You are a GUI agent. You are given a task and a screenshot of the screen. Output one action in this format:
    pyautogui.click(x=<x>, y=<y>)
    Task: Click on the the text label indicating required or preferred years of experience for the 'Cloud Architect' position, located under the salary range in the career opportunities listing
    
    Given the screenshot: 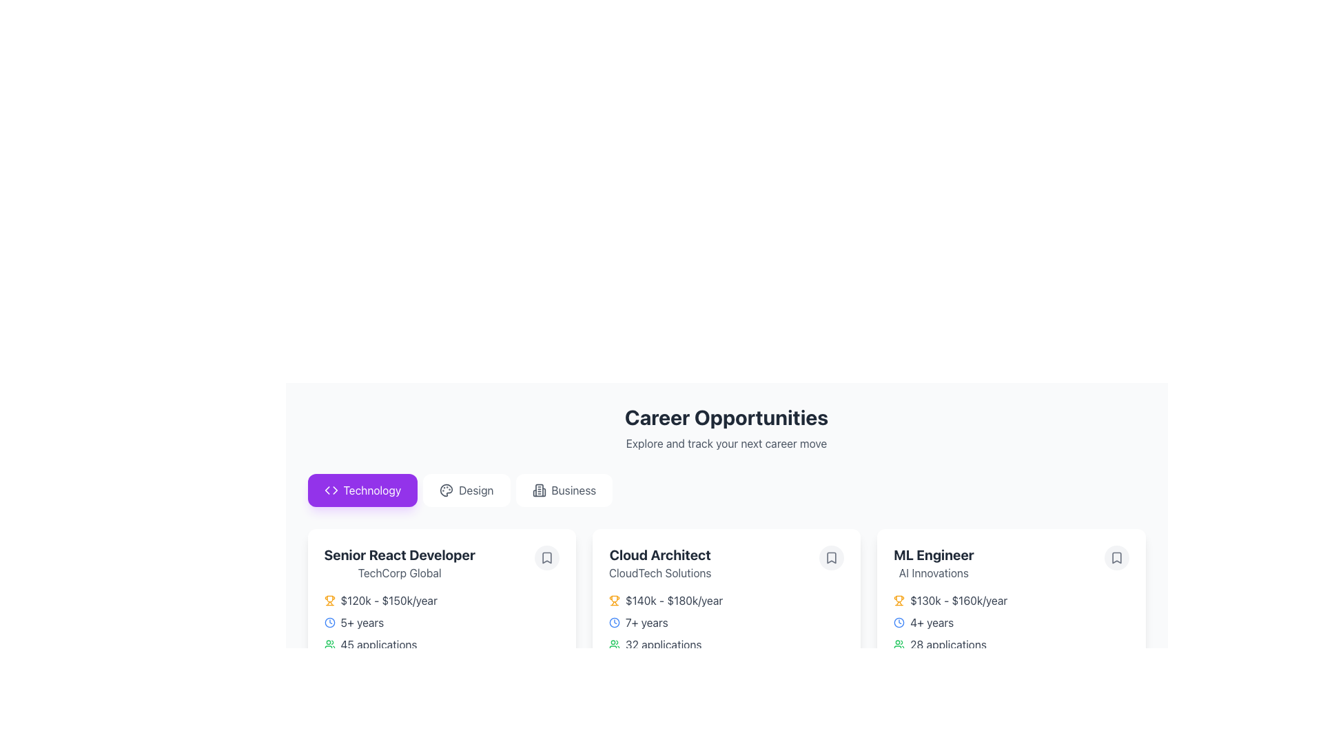 What is the action you would take?
    pyautogui.click(x=646, y=622)
    